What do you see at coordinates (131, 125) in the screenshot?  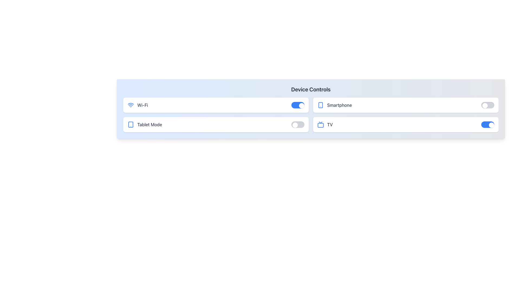 I see `the decorative graphic element of the tablet icon located on the left side of the second row in the Device Controls panel` at bounding box center [131, 125].